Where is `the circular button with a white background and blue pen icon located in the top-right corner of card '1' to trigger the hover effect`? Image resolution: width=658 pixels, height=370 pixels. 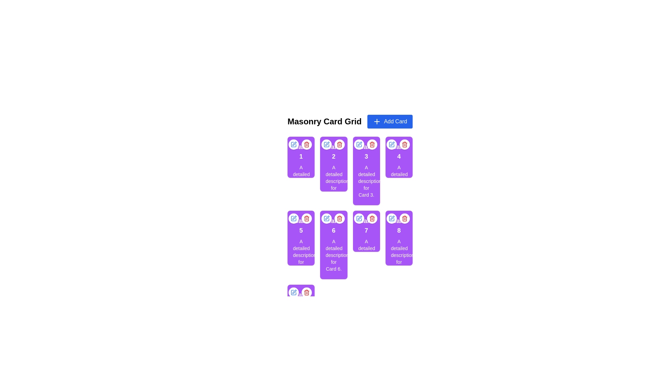
the circular button with a white background and blue pen icon located in the top-right corner of card '1' to trigger the hover effect is located at coordinates (294, 144).